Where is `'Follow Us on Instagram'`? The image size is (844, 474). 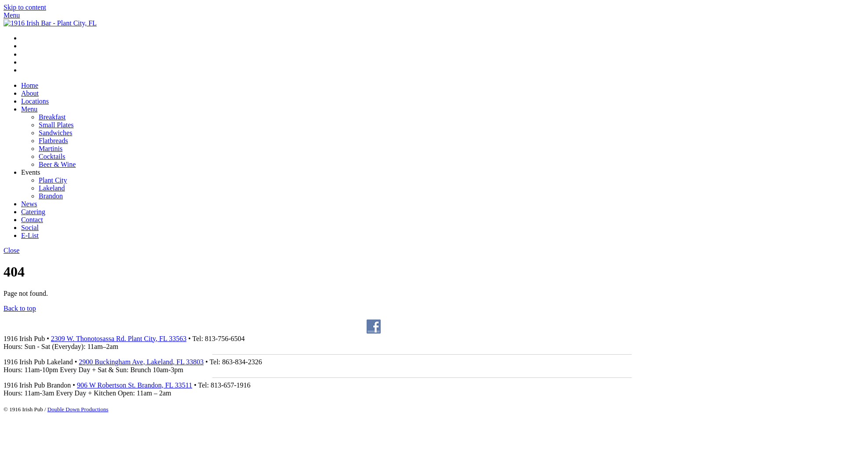
'Follow Us on Instagram' is located at coordinates (410, 327).